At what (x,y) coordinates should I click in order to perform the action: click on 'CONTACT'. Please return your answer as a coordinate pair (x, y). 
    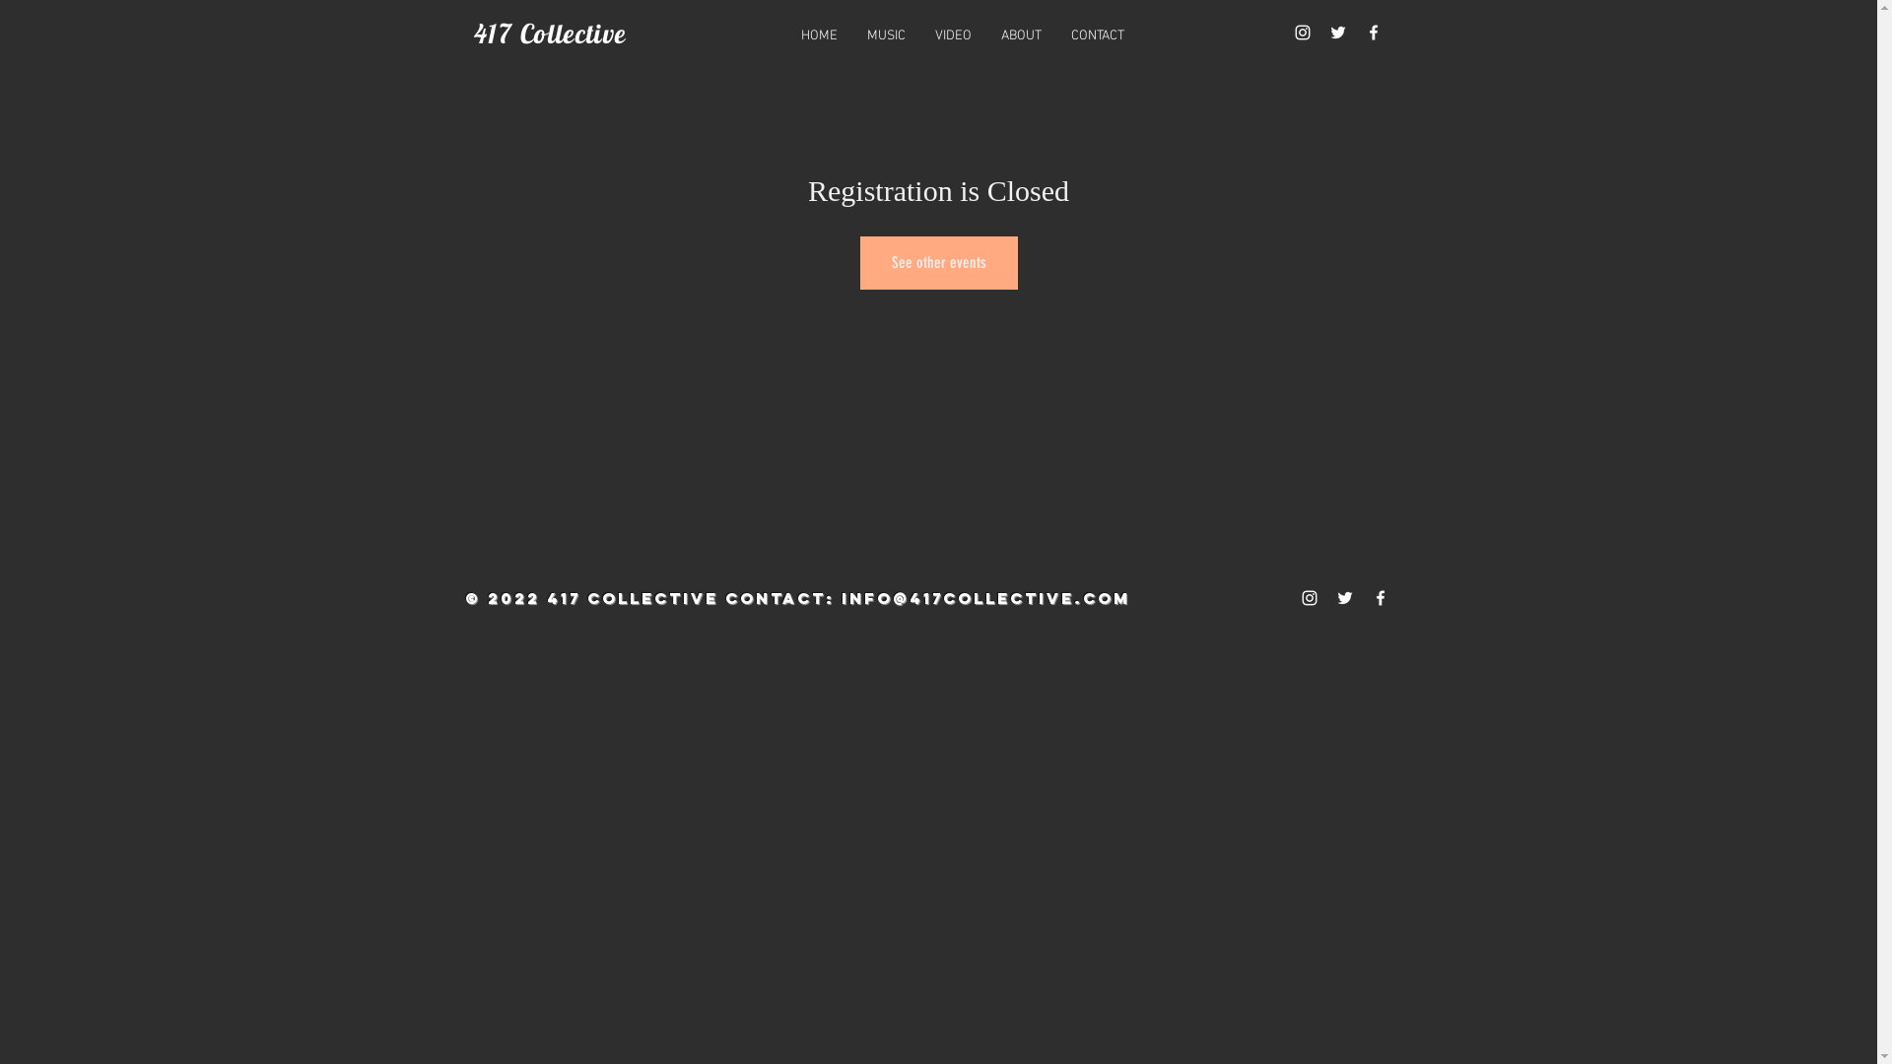
    Looking at the image, I should click on (1096, 36).